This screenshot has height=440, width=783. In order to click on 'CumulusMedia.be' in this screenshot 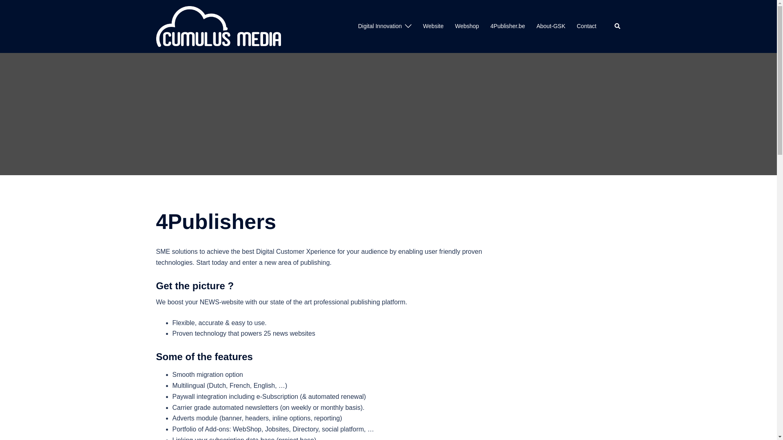, I will do `click(218, 25)`.